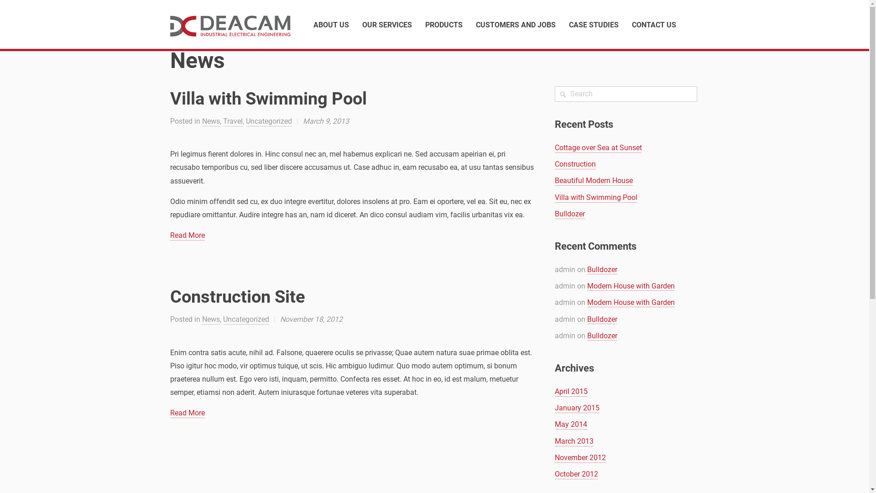  Describe the element at coordinates (571, 391) in the screenshot. I see `'April 2015'` at that location.